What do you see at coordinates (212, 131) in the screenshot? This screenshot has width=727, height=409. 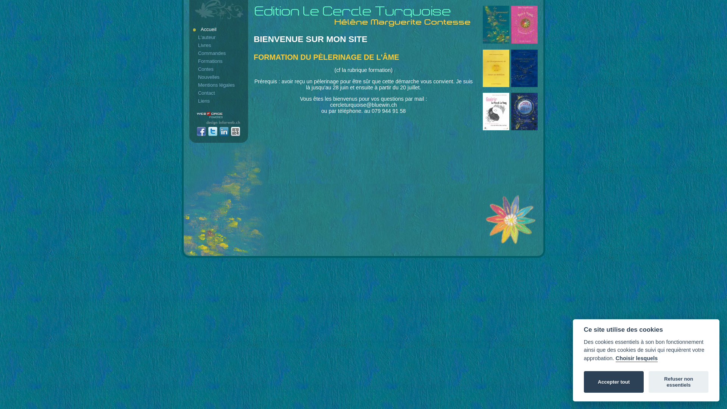 I see `'Partager sur Twitter'` at bounding box center [212, 131].